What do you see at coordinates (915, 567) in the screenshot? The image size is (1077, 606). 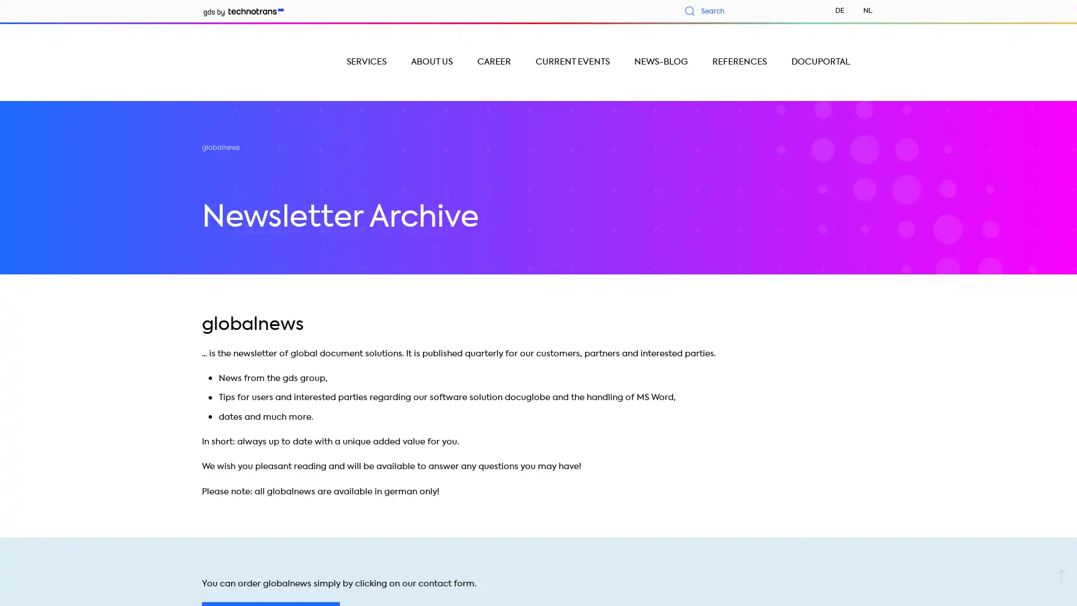 I see `MORE` at bounding box center [915, 567].